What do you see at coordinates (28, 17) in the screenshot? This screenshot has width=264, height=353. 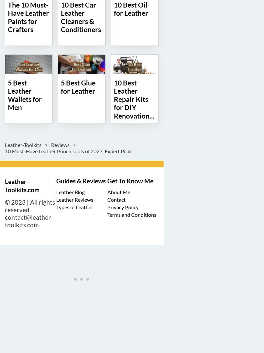 I see `'The 10 Must-Have Leather Paints for Crafters'` at bounding box center [28, 17].